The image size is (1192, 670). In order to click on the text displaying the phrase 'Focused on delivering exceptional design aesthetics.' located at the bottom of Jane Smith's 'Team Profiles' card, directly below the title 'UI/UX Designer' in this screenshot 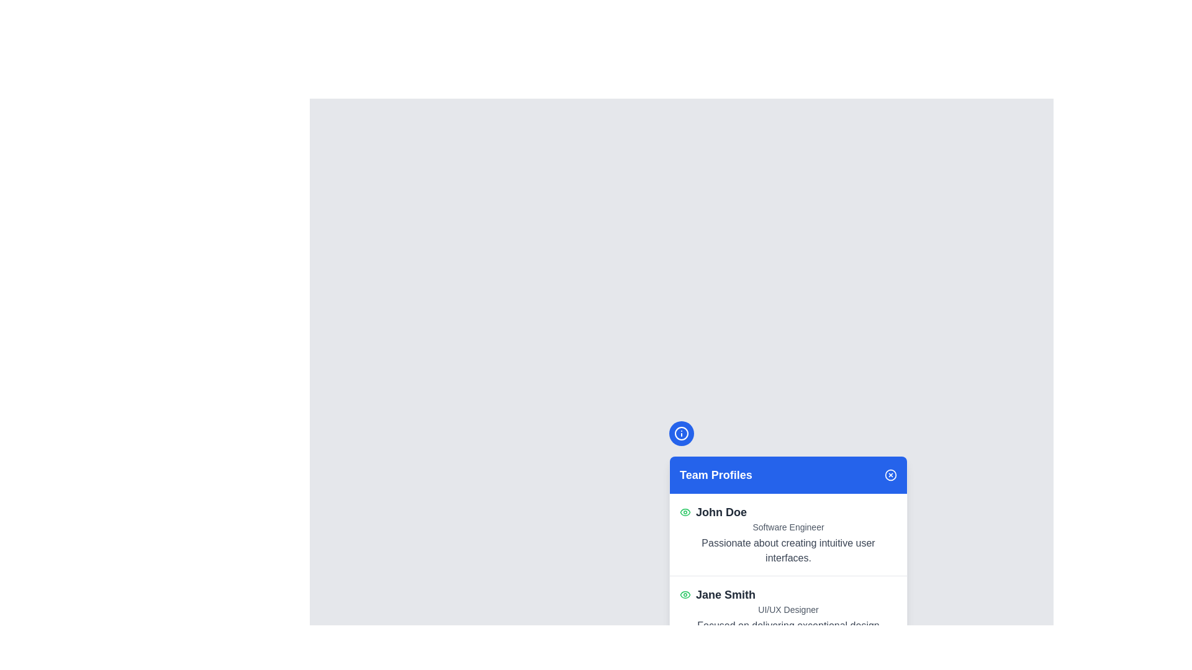, I will do `click(788, 633)`.